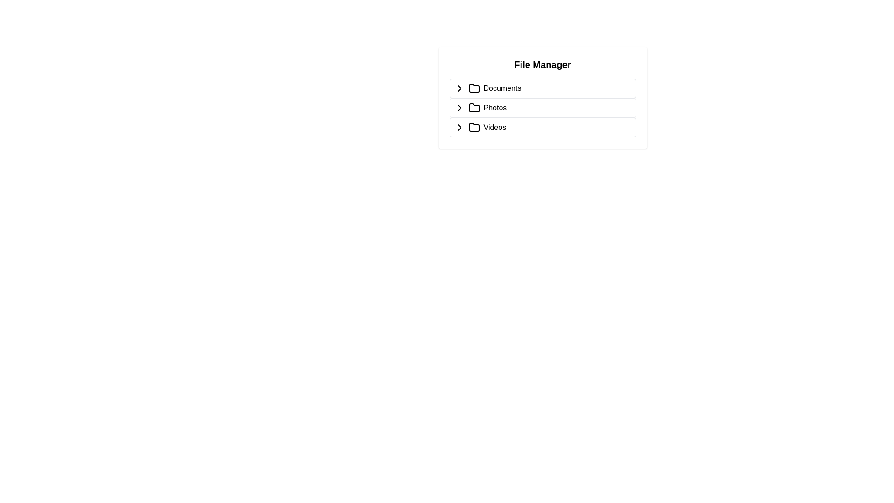  I want to click on the Static Text element that serves as a title or header for the grouped items 'Documents', 'Photos', and 'Videos', so click(542, 64).